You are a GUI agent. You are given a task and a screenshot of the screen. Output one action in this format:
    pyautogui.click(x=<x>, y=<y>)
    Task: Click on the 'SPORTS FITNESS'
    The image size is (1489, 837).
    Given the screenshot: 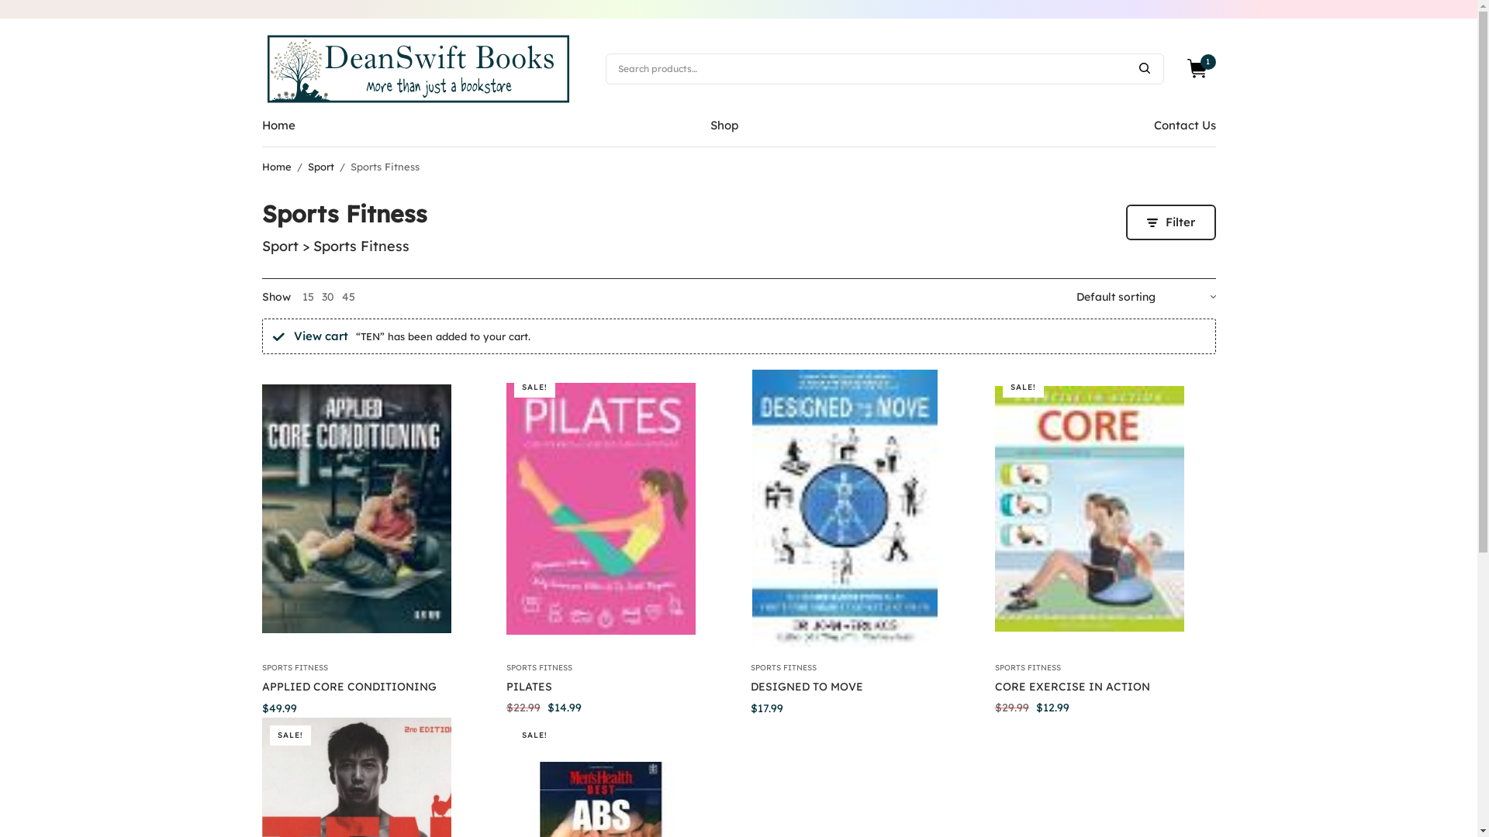 What is the action you would take?
    pyautogui.click(x=295, y=666)
    